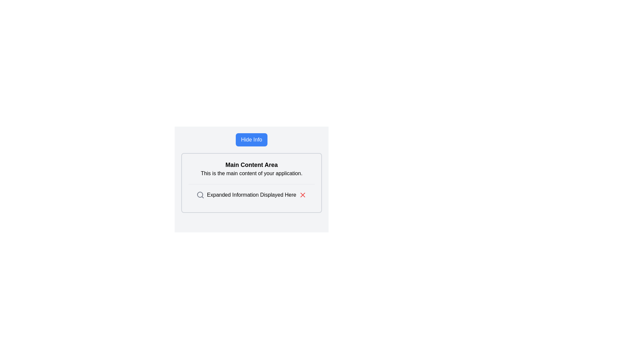 This screenshot has width=634, height=357. Describe the element at coordinates (251, 139) in the screenshot. I see `the toggle button located above the 'Main Content Area' section` at that location.